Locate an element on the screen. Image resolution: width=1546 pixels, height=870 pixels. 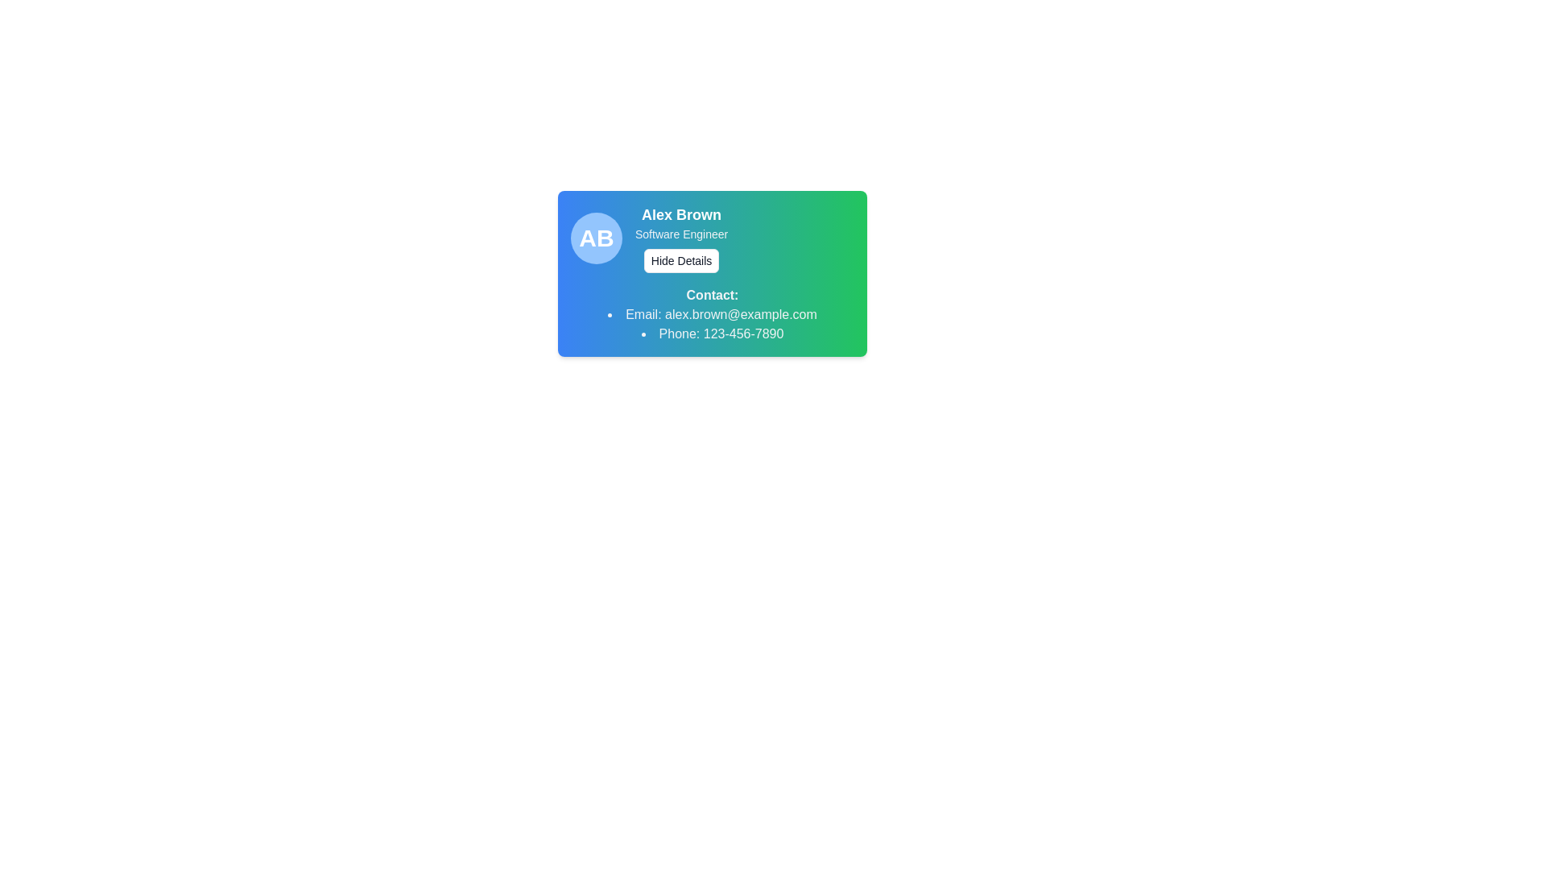
the 'Contact:' text label, which is styled in bold and positioned at the top of the contact information section is located at coordinates (711, 295).